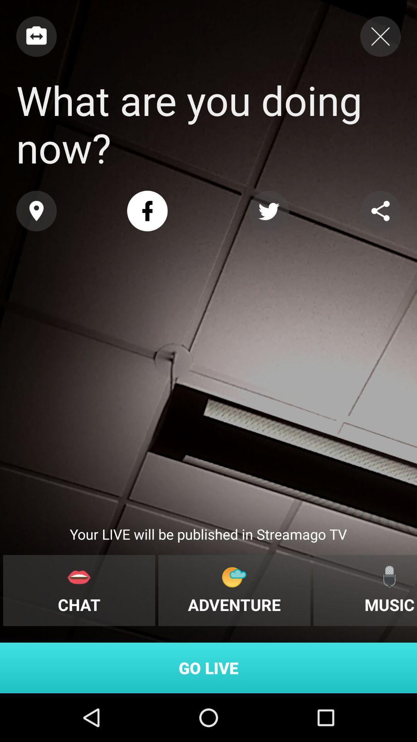 The width and height of the screenshot is (417, 742). Describe the element at coordinates (36, 36) in the screenshot. I see `previous page` at that location.